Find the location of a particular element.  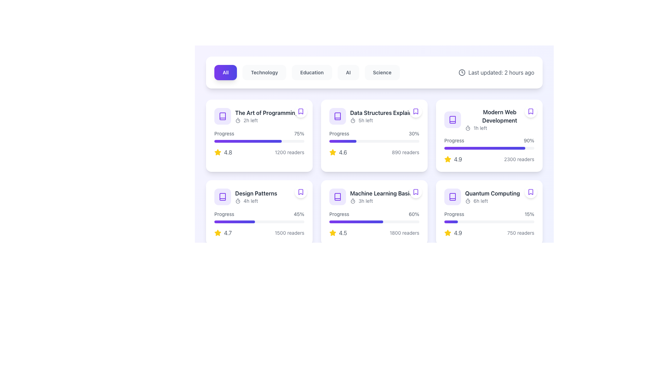

the progress bar element indicating the current progress of 60% for the 'Machine Learning Basics' course, which is styled with a gradient in violet and indigo hues and is located beneath the 'Progress' label is located at coordinates (374, 222).